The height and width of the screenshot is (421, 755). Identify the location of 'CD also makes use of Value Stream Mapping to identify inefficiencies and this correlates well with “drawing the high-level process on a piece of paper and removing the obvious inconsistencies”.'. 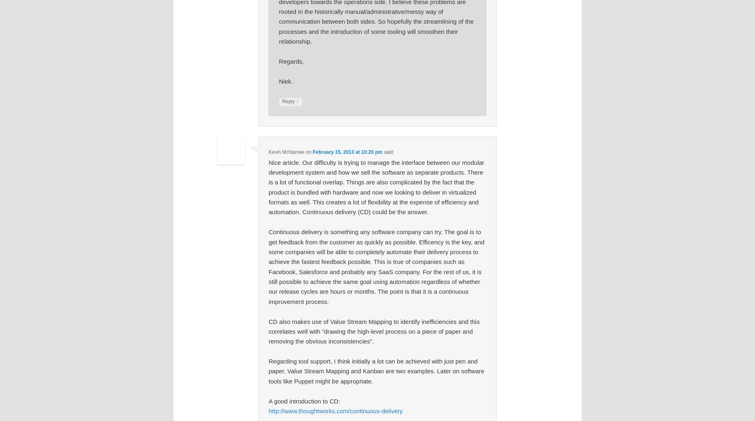
(374, 331).